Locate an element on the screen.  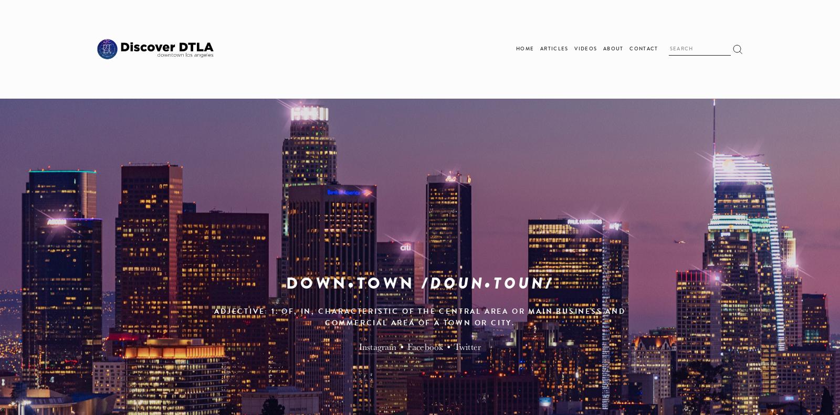
'Videos' is located at coordinates (585, 49).